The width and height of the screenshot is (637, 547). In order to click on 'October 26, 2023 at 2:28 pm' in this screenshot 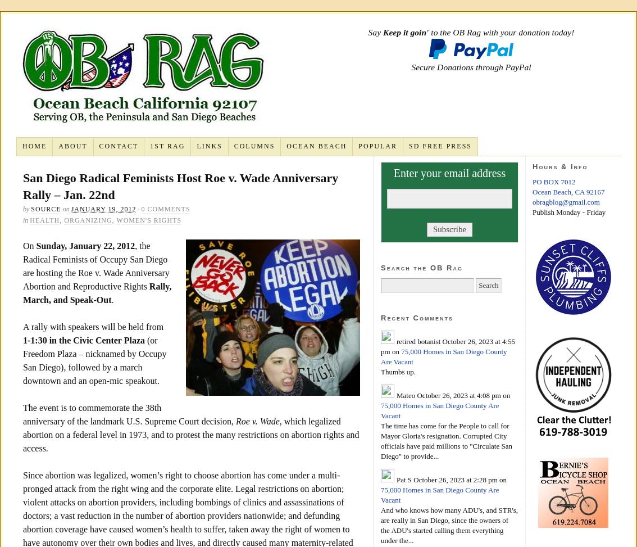, I will do `click(454, 479)`.